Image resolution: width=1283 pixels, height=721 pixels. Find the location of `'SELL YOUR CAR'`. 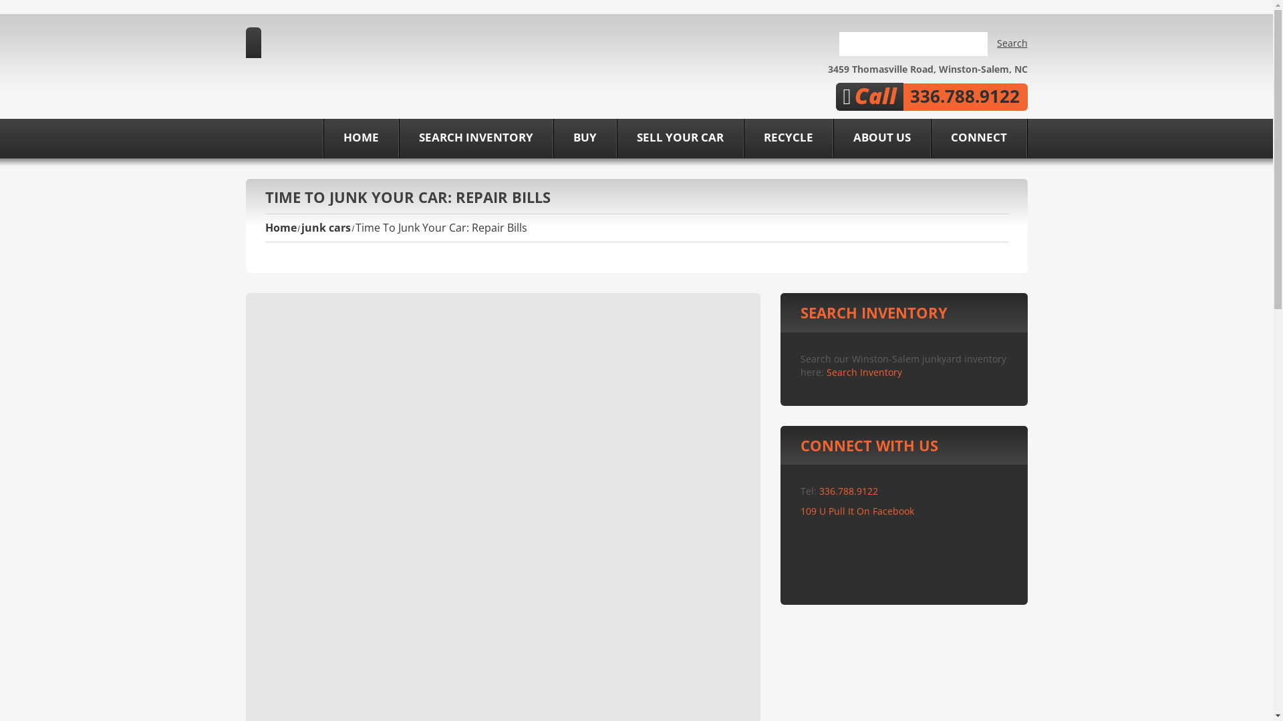

'SELL YOUR CAR' is located at coordinates (680, 138).